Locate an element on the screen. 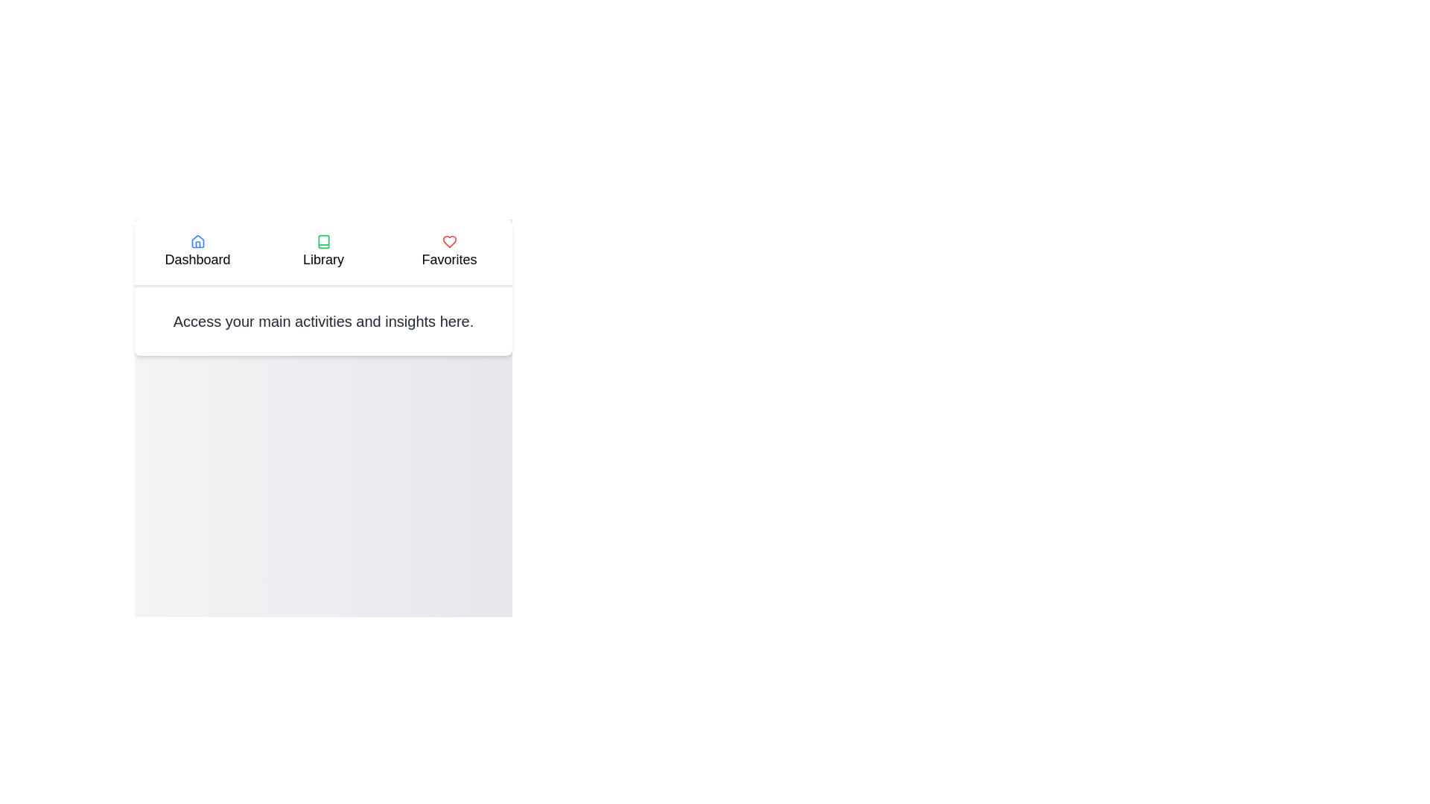  the Dashboard tab to select it is located at coordinates (197, 252).